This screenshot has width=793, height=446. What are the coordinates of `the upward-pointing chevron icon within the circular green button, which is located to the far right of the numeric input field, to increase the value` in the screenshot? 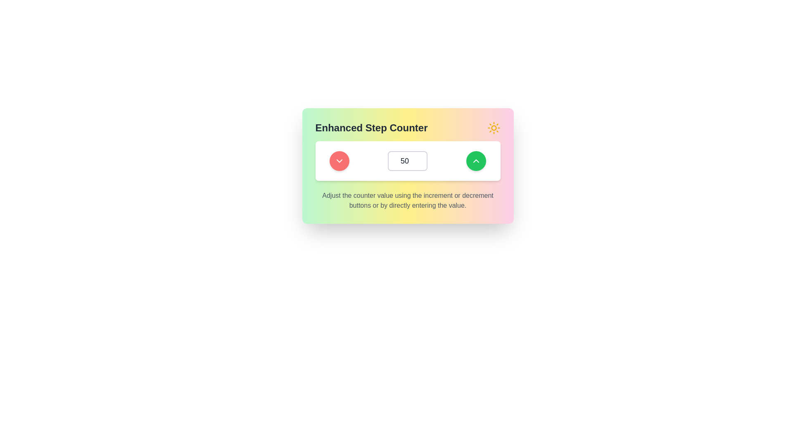 It's located at (476, 161).